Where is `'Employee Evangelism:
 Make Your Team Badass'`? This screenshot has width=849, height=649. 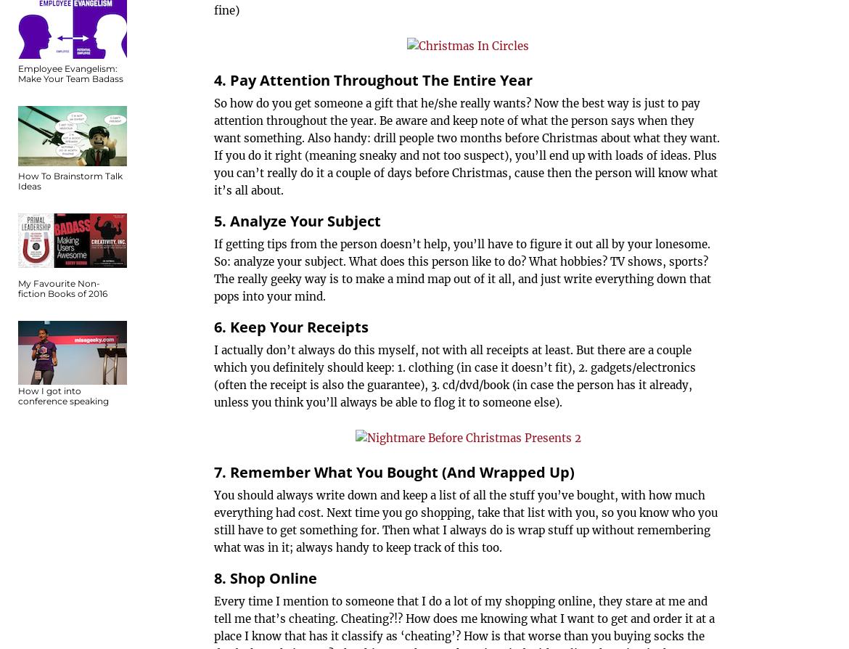
'Employee Evangelism:
 Make Your Team Badass' is located at coordinates (70, 73).